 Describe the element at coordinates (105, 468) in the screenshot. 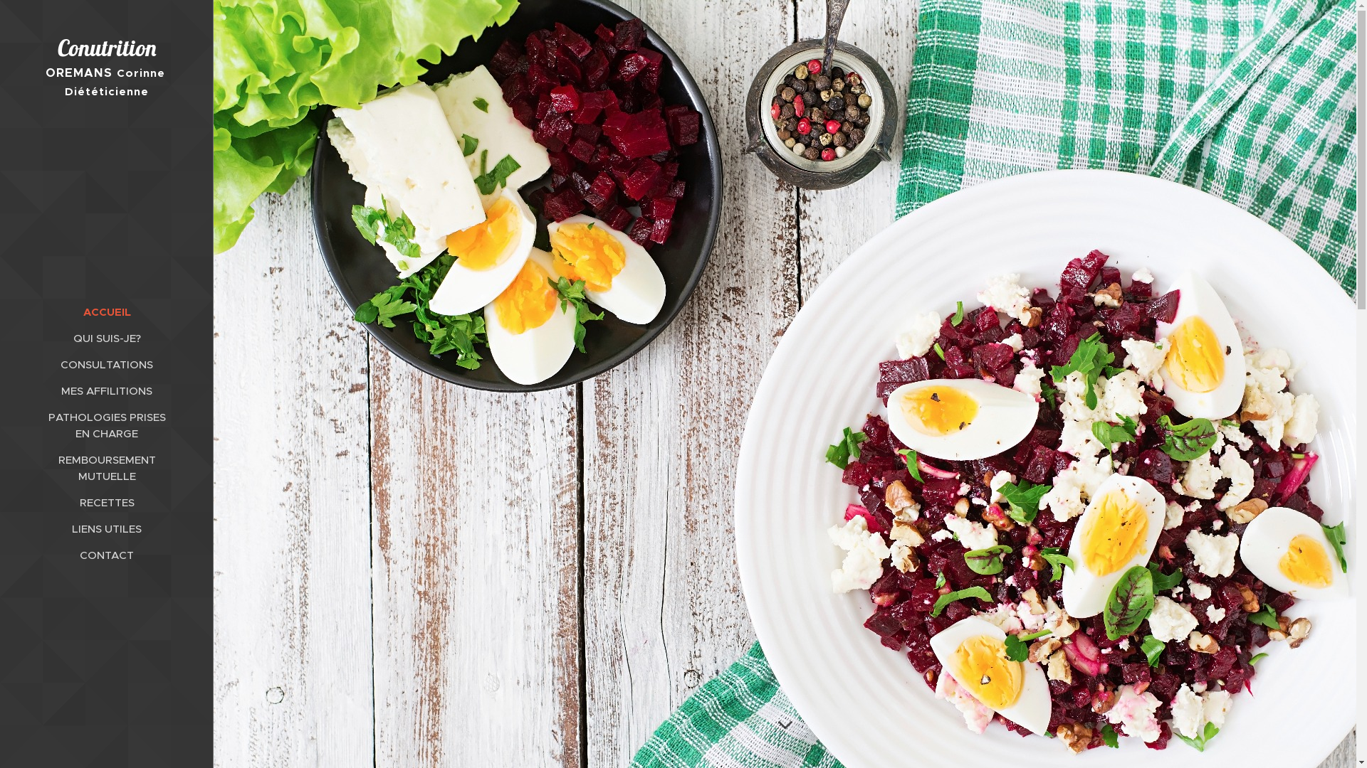

I see `'REMBOURSEMENT MUTUELLE'` at that location.